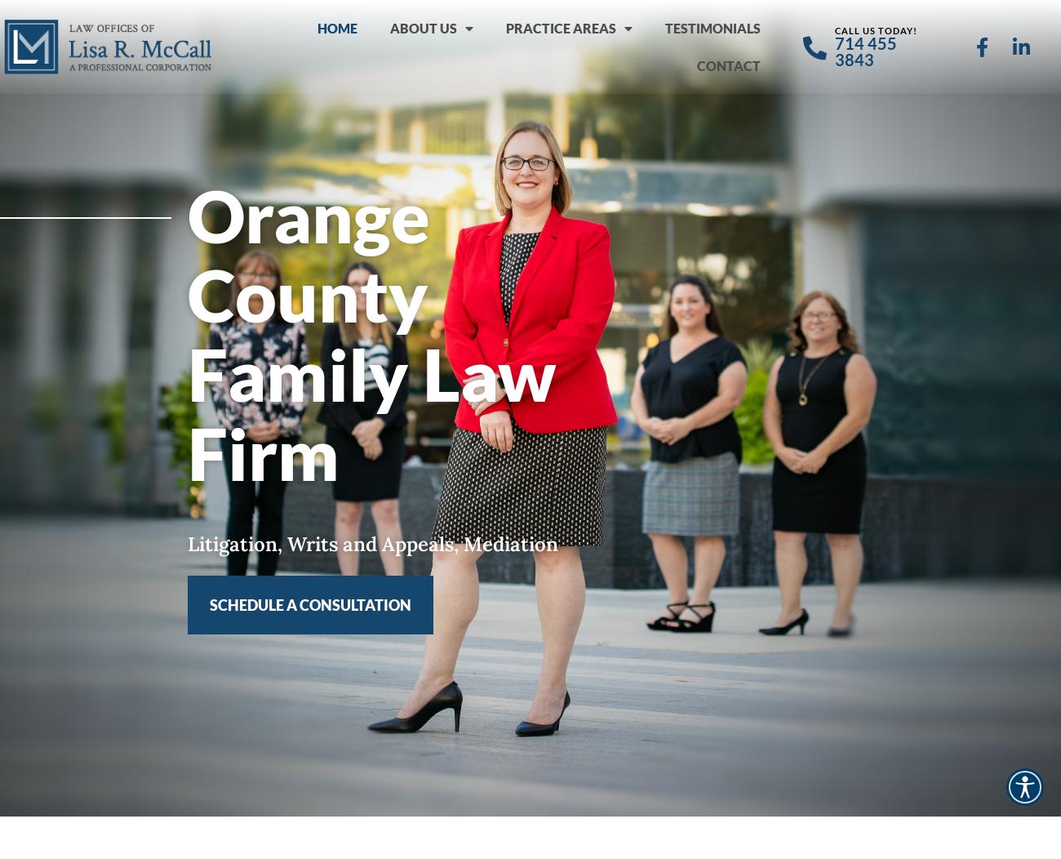 The width and height of the screenshot is (1061, 859). Describe the element at coordinates (664, 27) in the screenshot. I see `'Testimonials'` at that location.